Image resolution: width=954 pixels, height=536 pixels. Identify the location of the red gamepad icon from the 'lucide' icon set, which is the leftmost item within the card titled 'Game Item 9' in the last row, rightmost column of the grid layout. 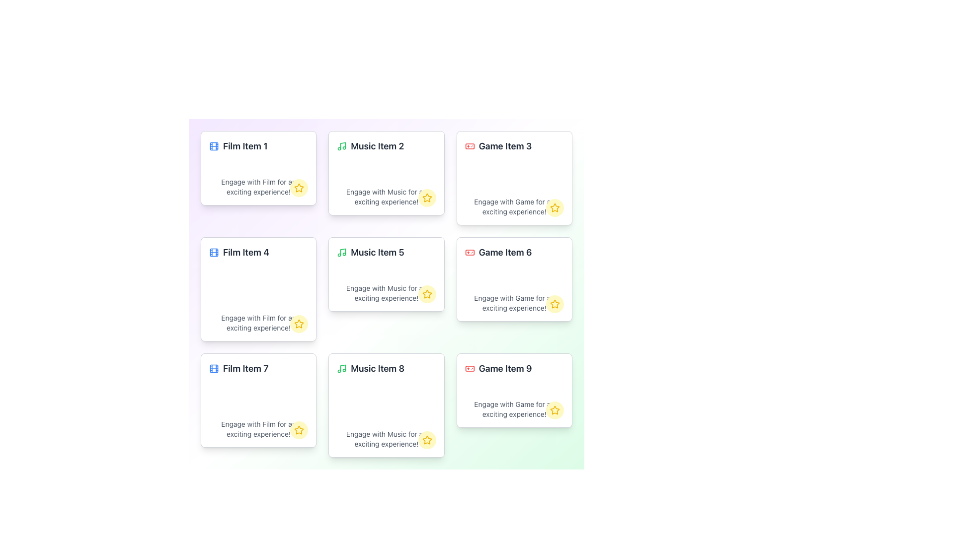
(469, 369).